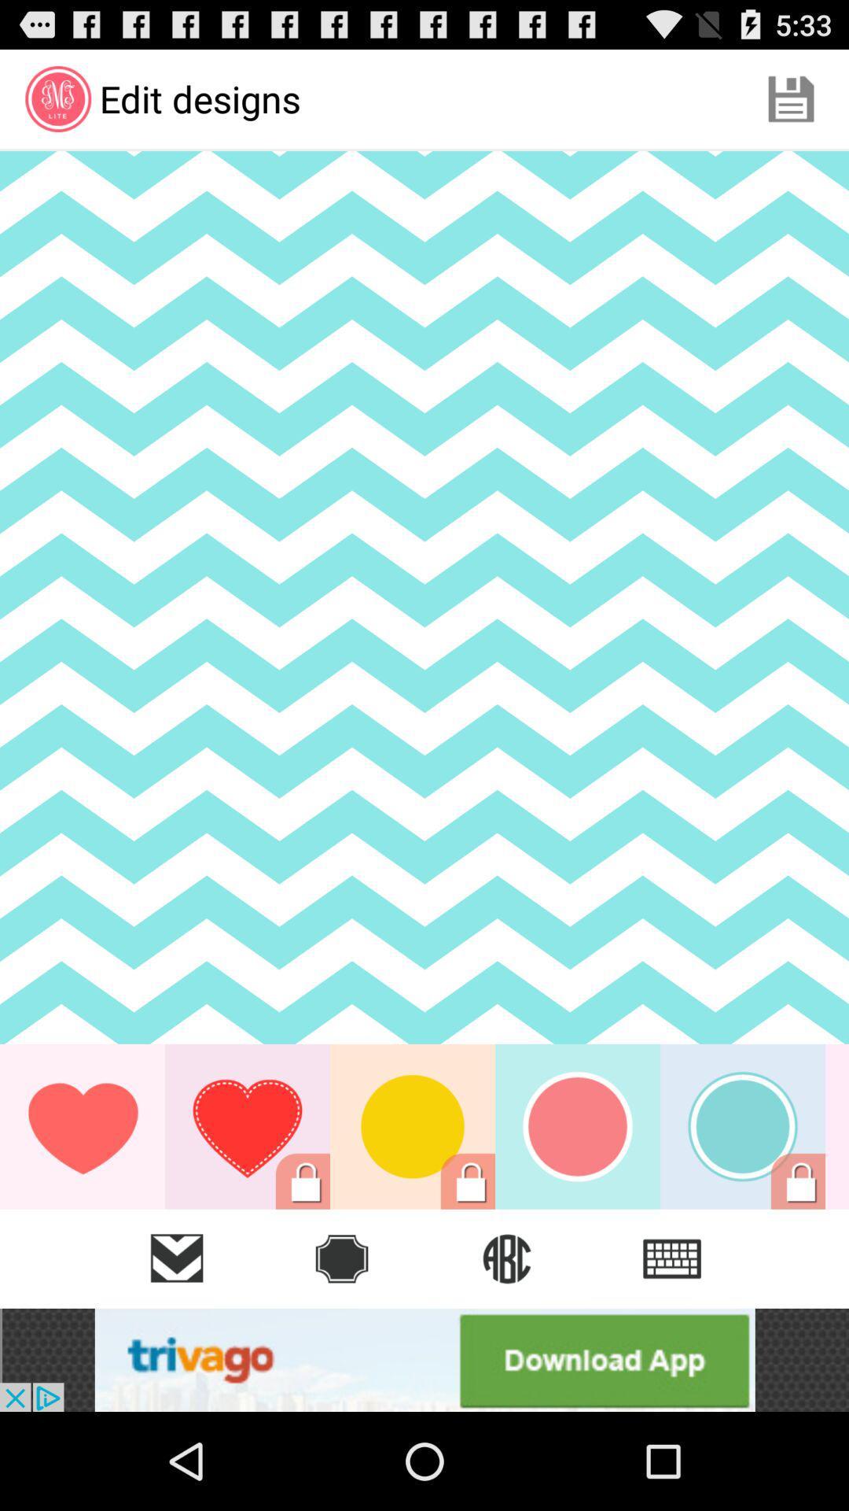 This screenshot has width=849, height=1511. Describe the element at coordinates (57, 98) in the screenshot. I see `the logo left to edit designs` at that location.